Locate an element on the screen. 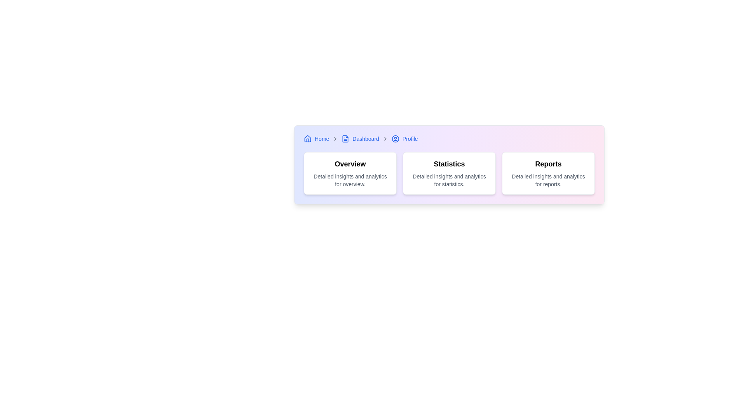 Image resolution: width=746 pixels, height=419 pixels. the rightmost informational card related to reports in the horizontally aligned grid of cards is located at coordinates (548, 173).